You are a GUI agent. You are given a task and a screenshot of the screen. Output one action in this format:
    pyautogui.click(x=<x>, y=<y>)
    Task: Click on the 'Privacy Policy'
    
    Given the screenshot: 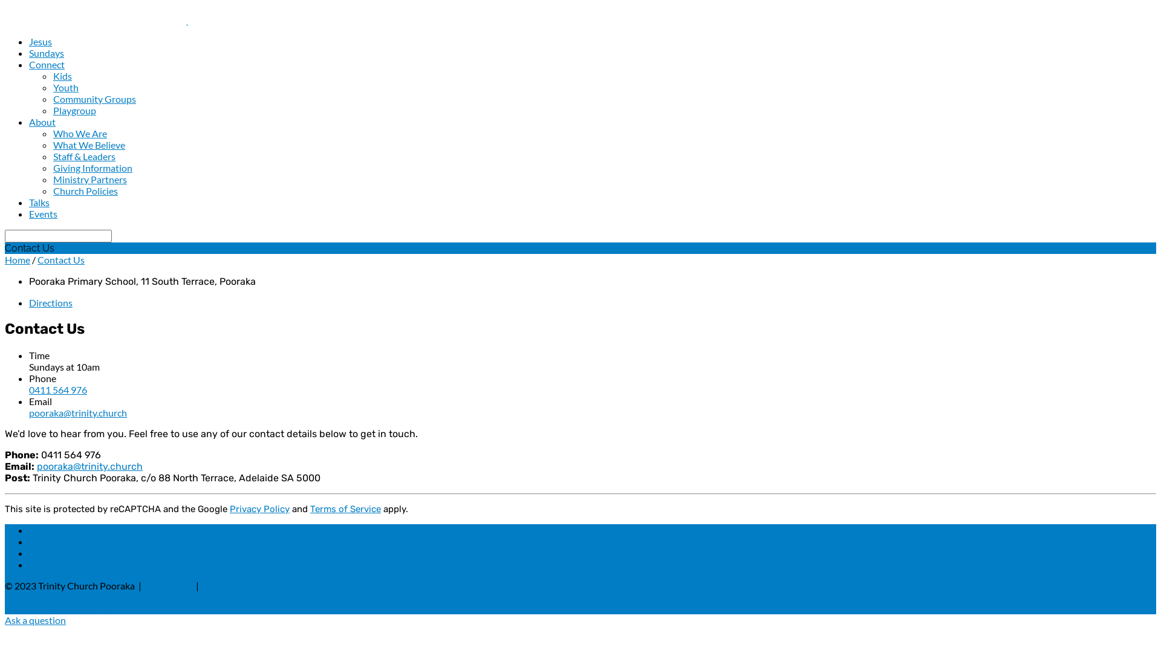 What is the action you would take?
    pyautogui.click(x=259, y=508)
    